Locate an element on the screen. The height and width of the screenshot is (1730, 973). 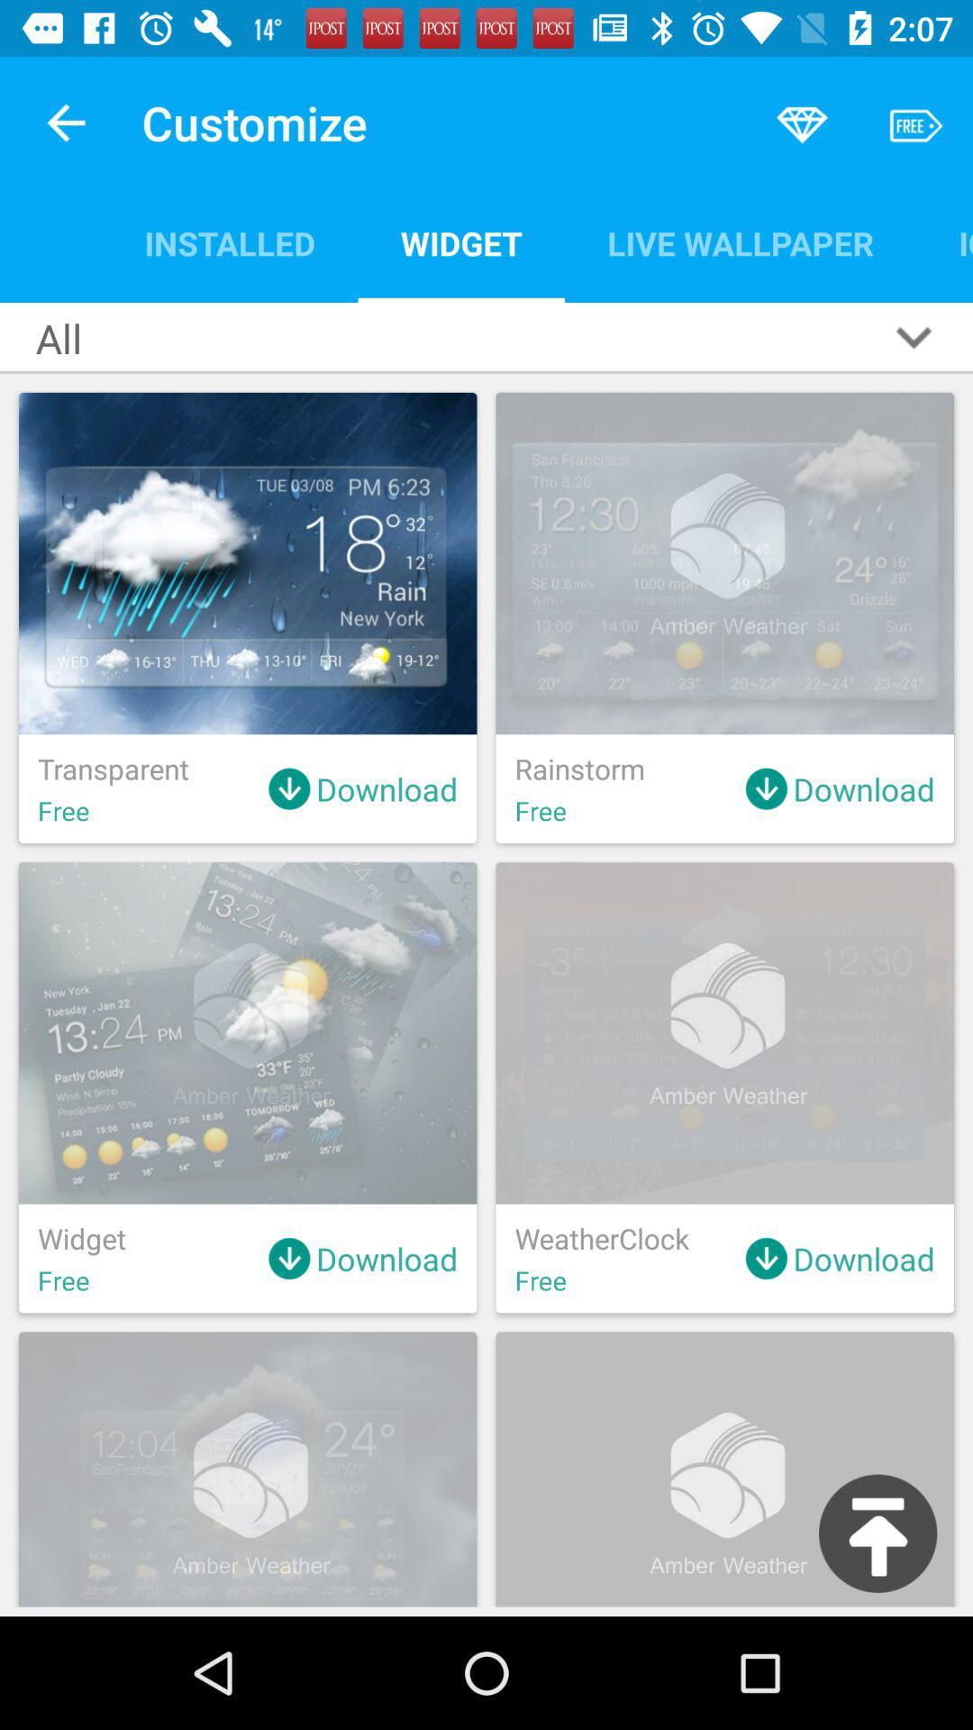
icon next to widget item is located at coordinates (740, 242).